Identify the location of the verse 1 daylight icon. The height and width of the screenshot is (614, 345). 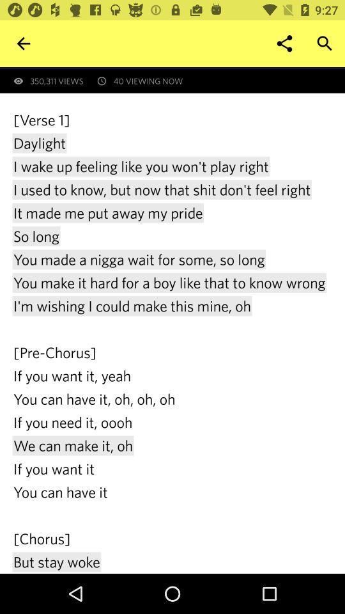
(172, 341).